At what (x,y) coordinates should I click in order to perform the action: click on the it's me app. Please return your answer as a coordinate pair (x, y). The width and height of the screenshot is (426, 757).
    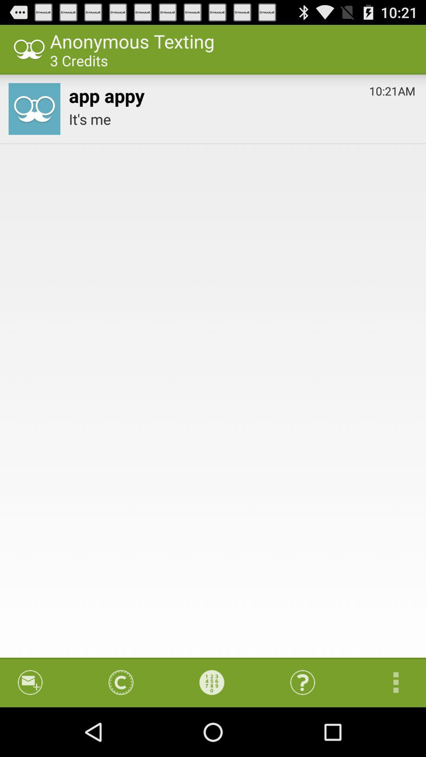
    Looking at the image, I should click on (241, 119).